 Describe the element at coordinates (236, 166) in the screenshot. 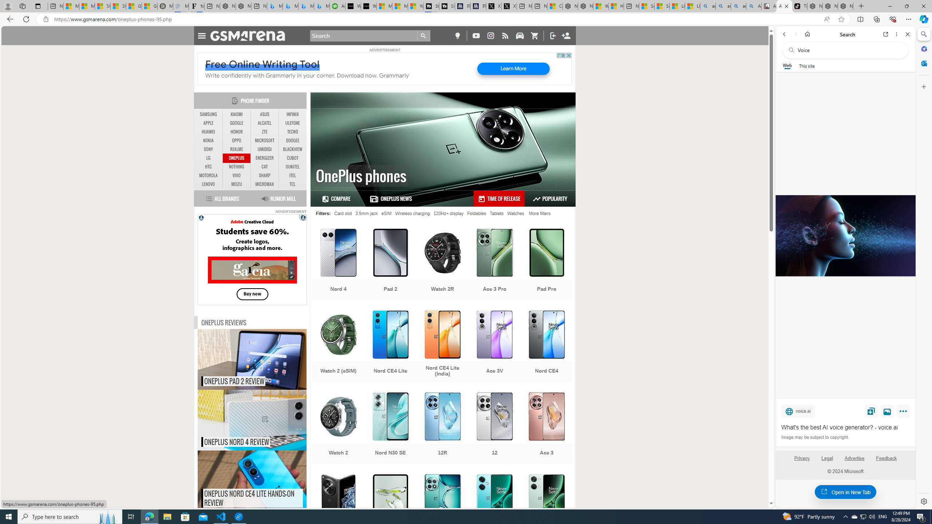

I see `'NOTHING'` at that location.